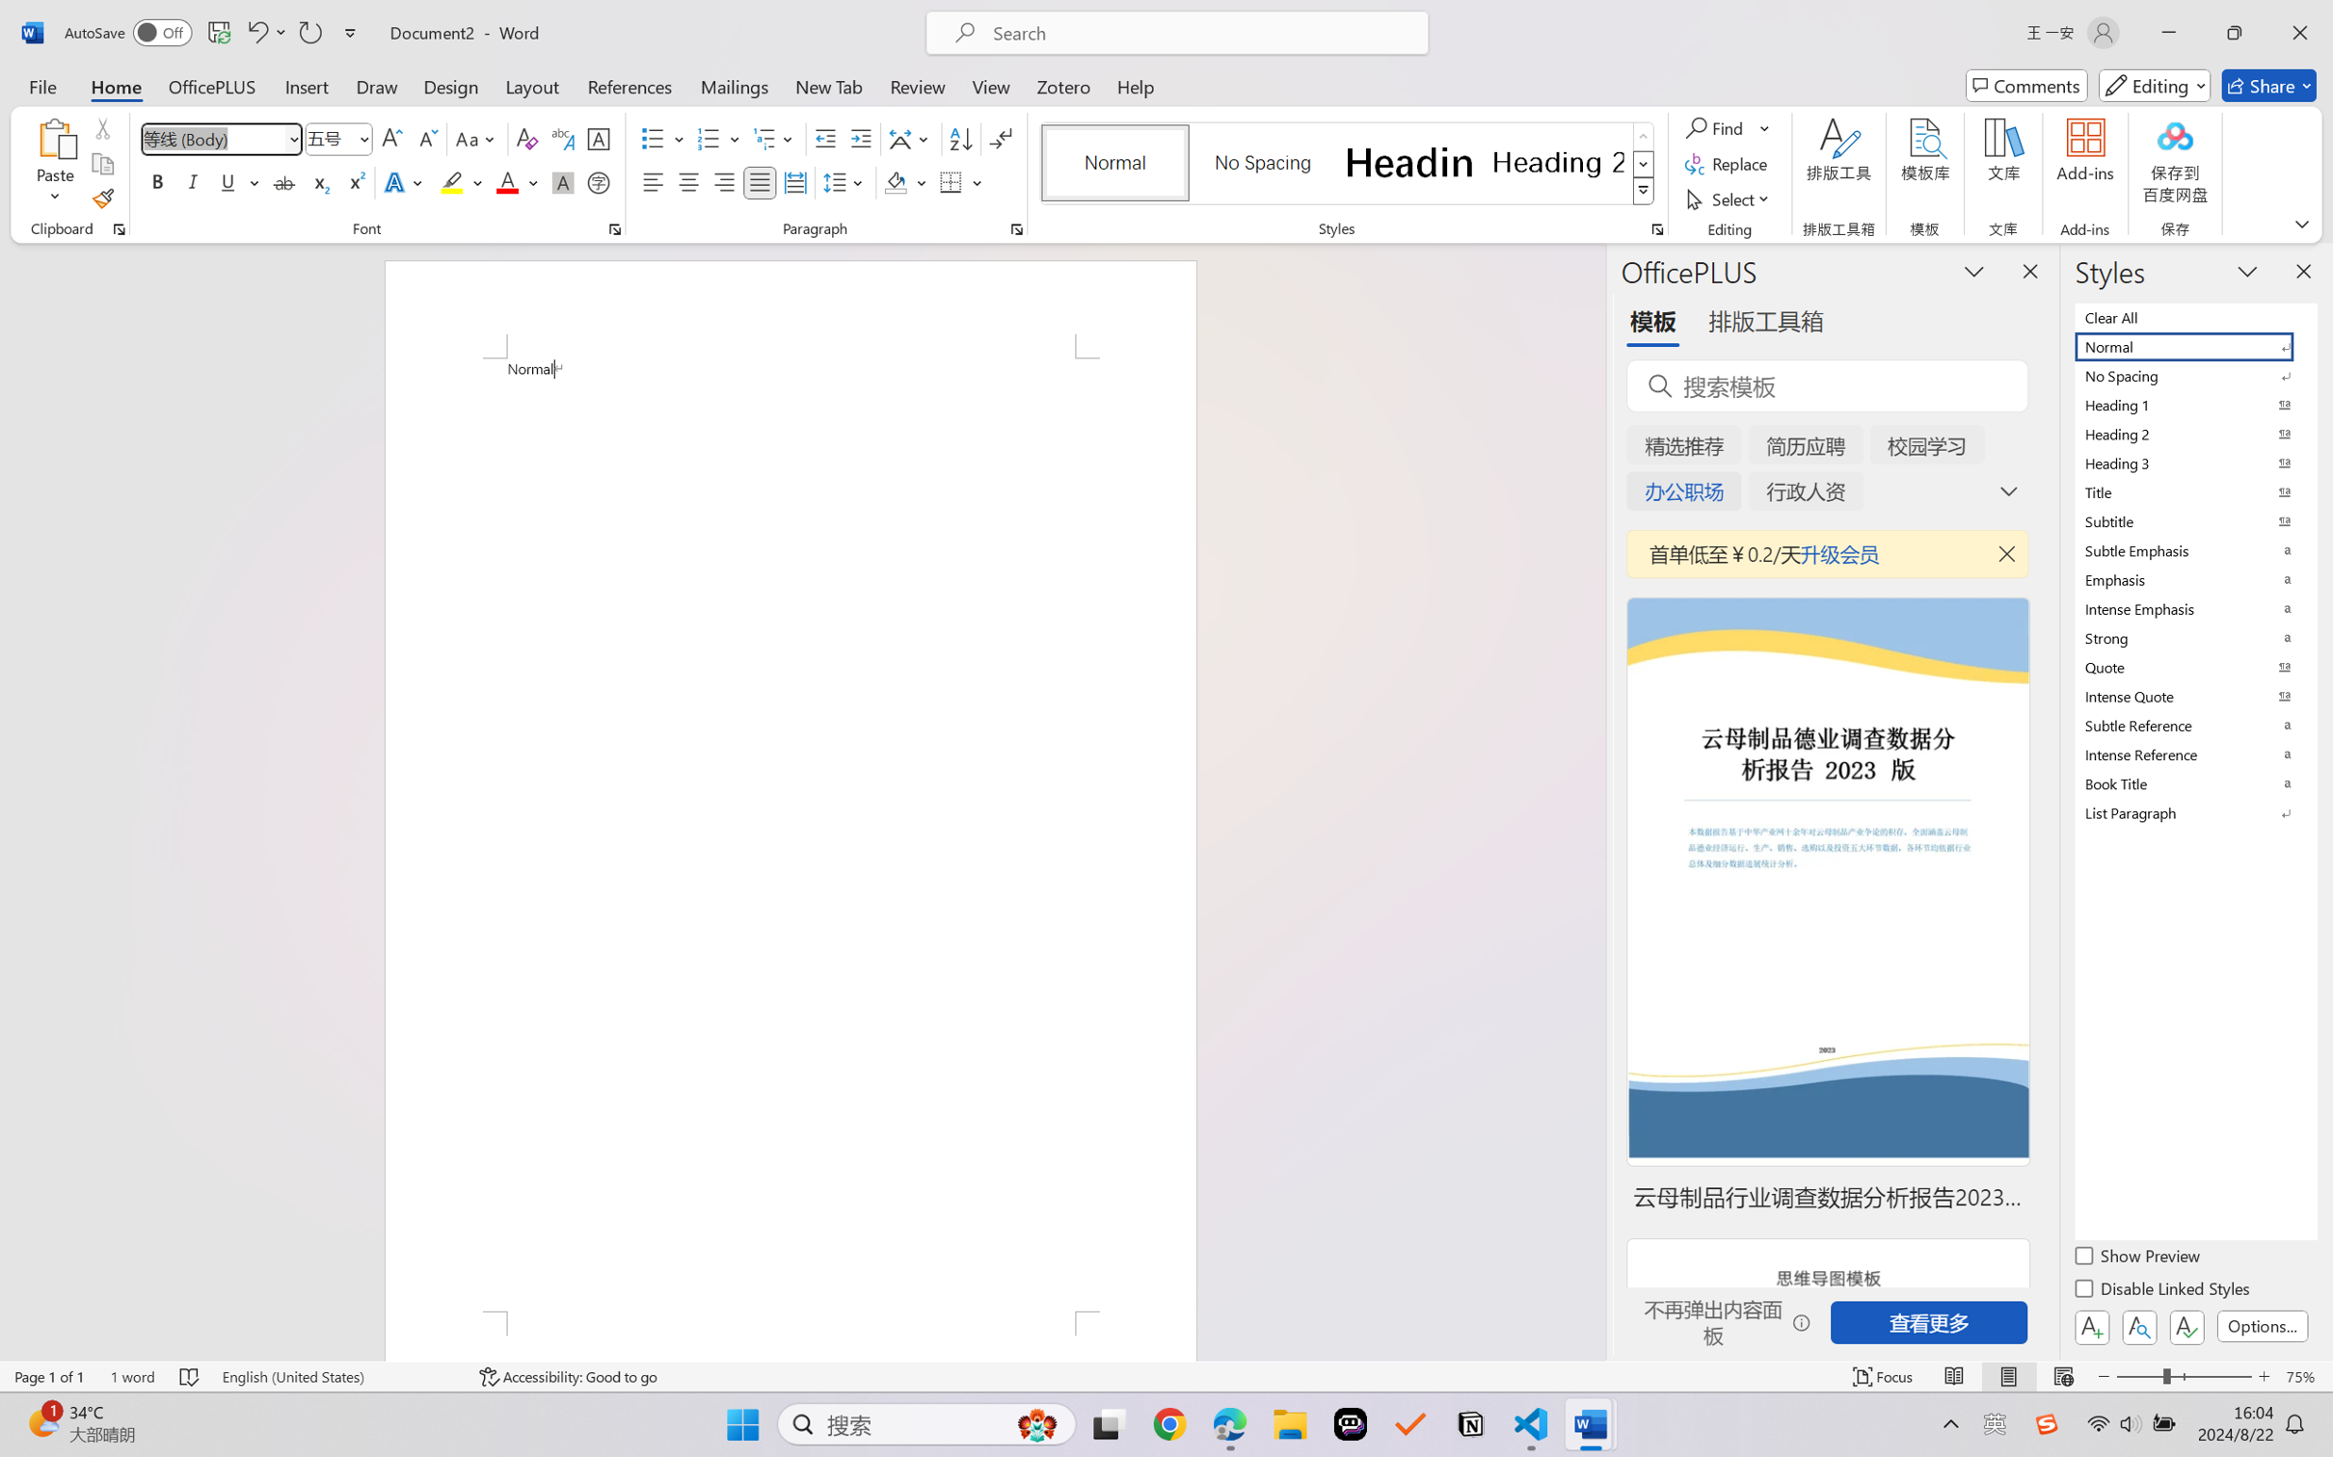 Image resolution: width=2333 pixels, height=1457 pixels. I want to click on 'View', so click(991, 85).